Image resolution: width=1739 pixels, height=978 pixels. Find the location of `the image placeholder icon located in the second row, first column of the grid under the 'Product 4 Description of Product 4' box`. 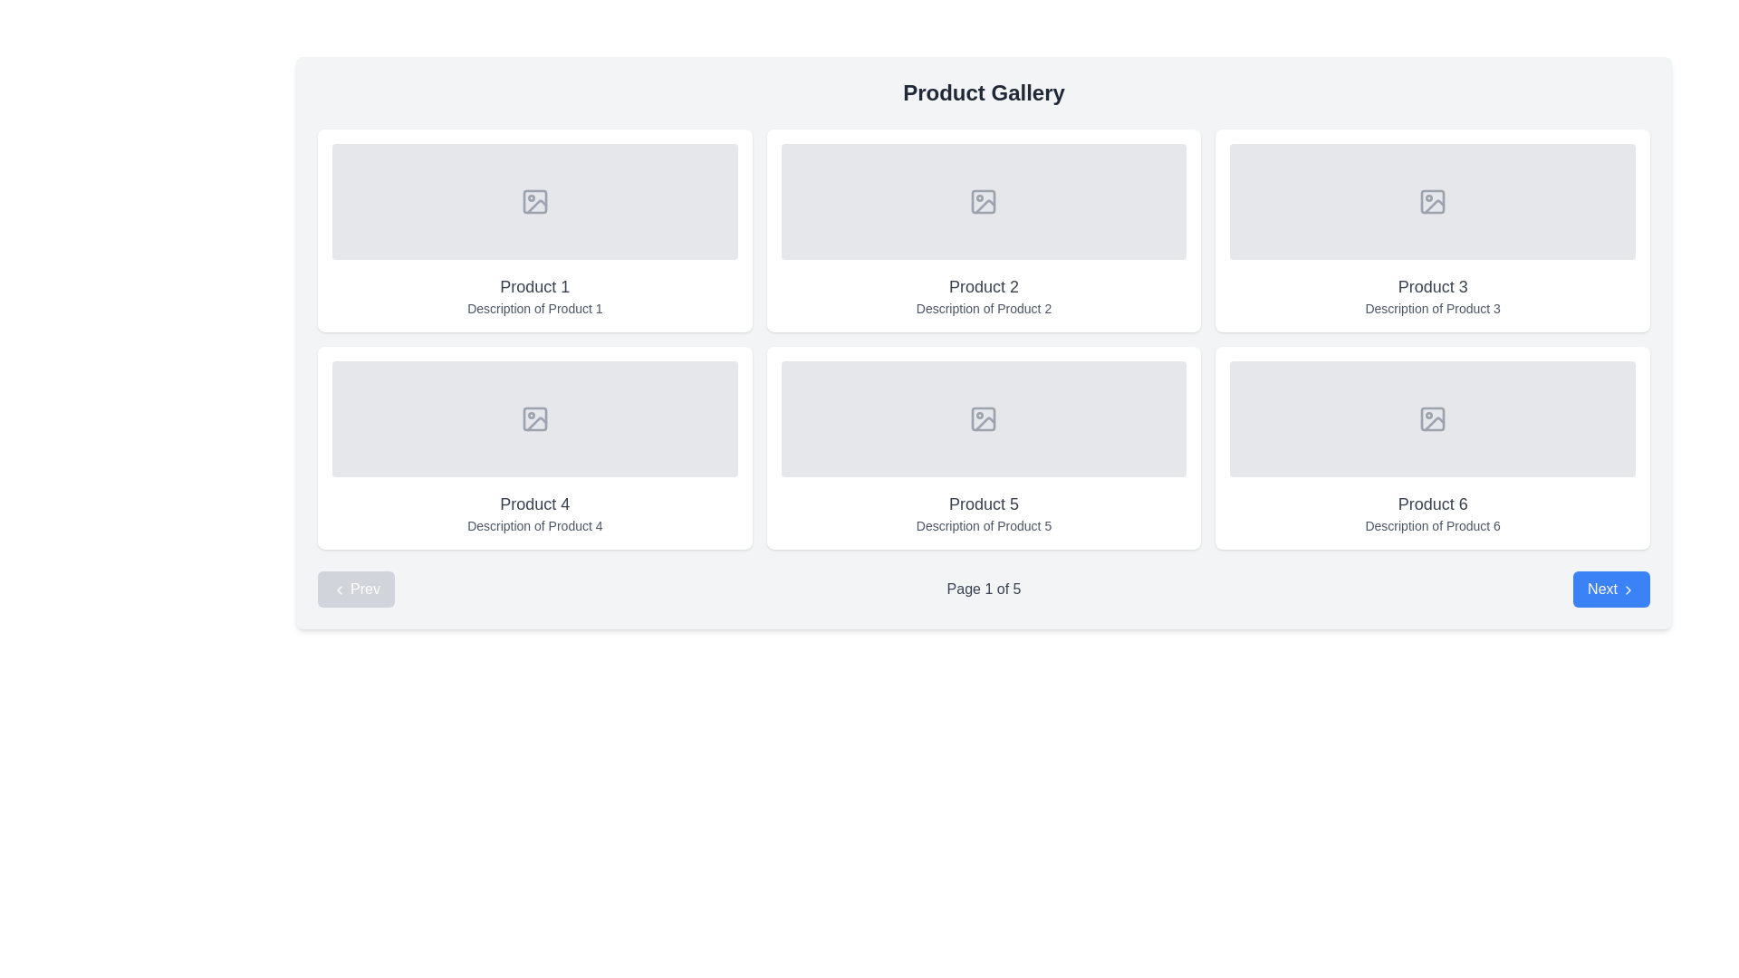

the image placeholder icon located in the second row, first column of the grid under the 'Product 4 Description of Product 4' box is located at coordinates (533, 418).